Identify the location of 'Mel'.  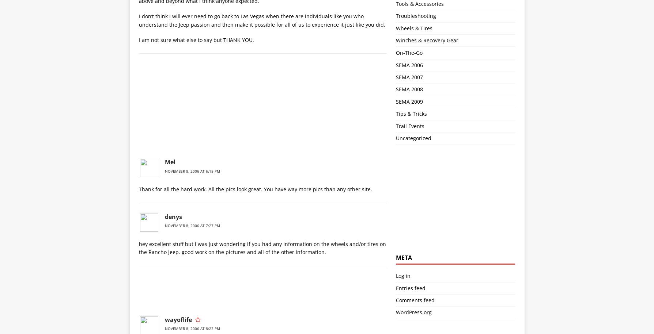
(169, 162).